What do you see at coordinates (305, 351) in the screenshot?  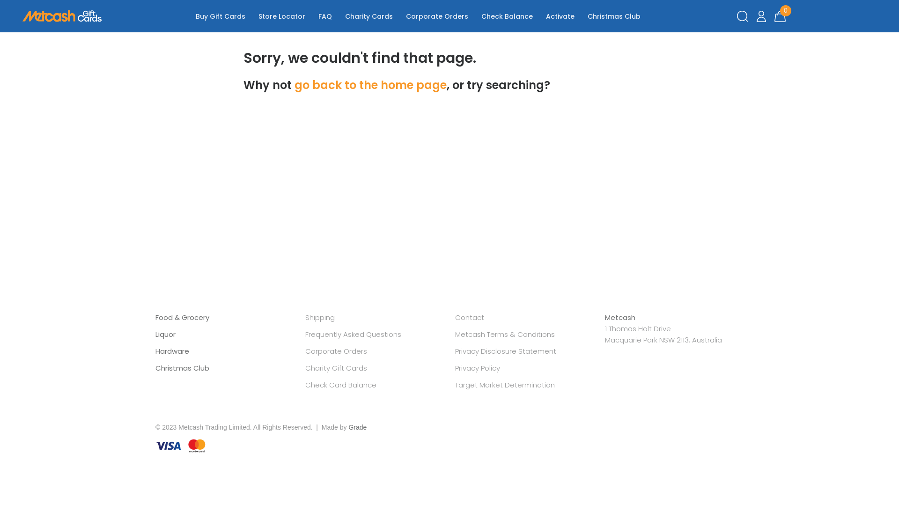 I see `'Corporate Orders'` at bounding box center [305, 351].